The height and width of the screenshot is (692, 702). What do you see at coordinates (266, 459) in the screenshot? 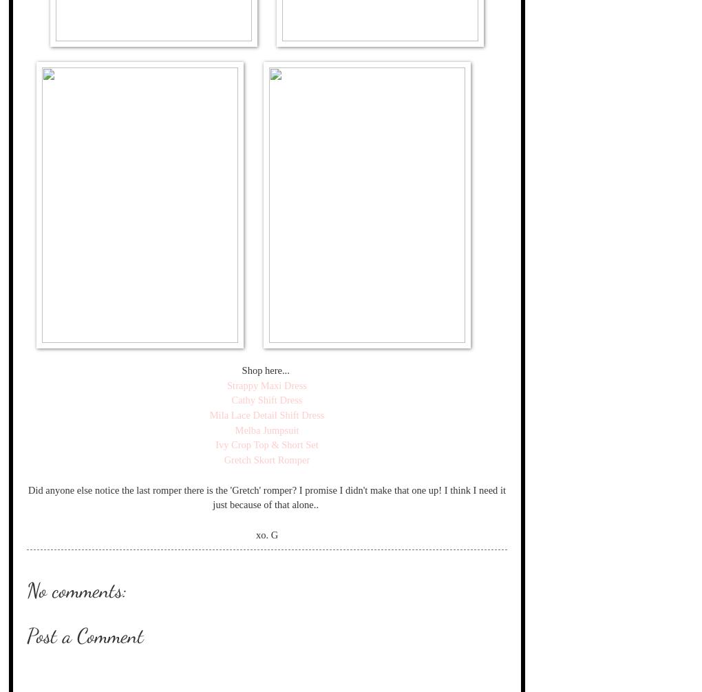
I see `'Gretch Skort Romper'` at bounding box center [266, 459].